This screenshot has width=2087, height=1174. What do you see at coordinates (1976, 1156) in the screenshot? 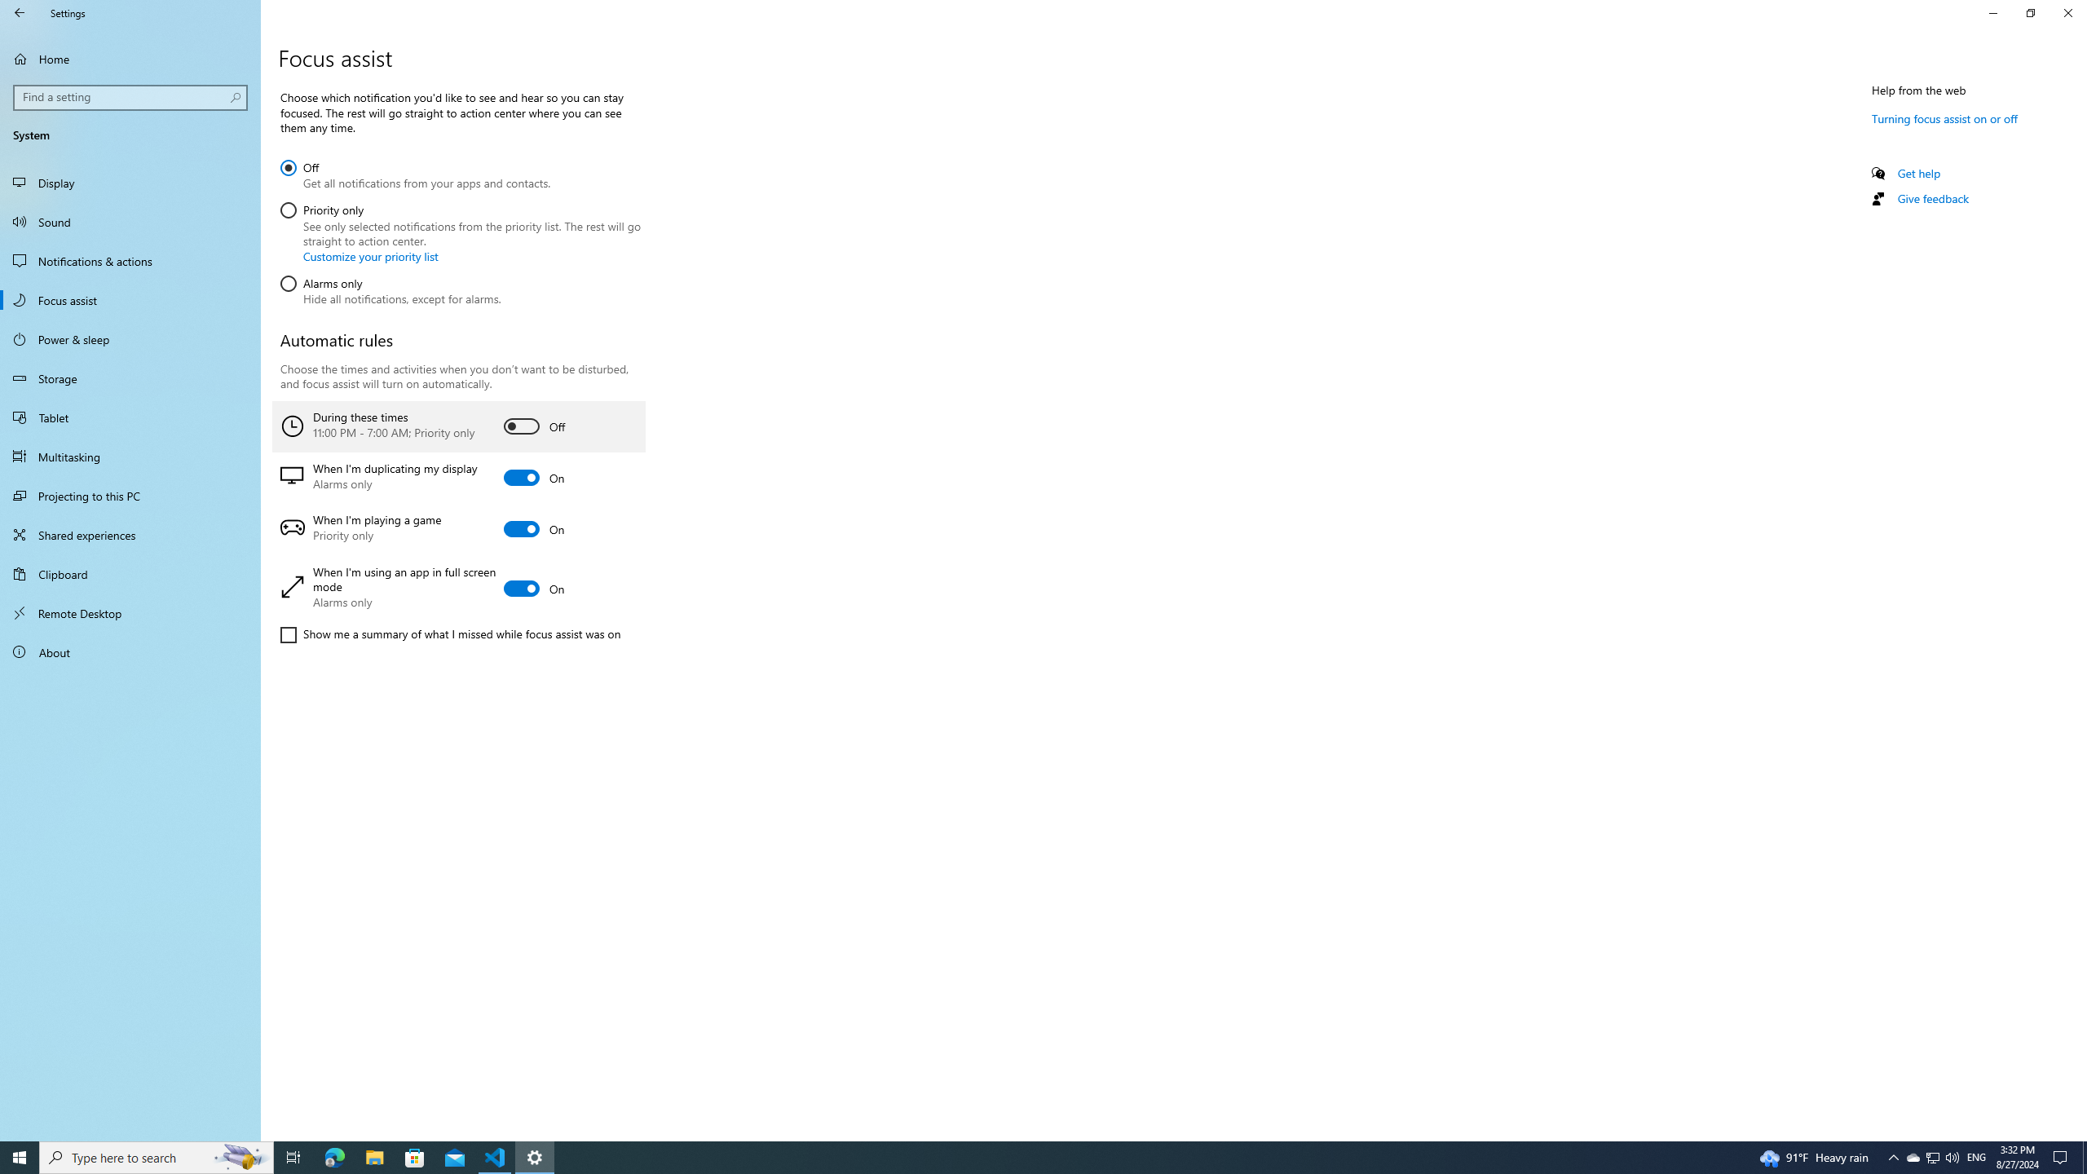
I see `'Tray Input Indicator - English (United States)'` at bounding box center [1976, 1156].